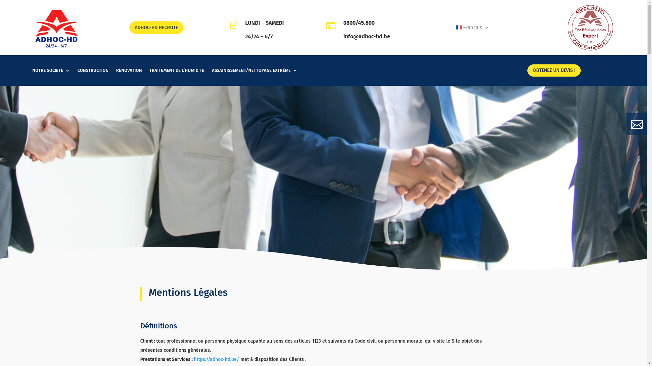  What do you see at coordinates (358, 22) in the screenshot?
I see `'0800/45.800'` at bounding box center [358, 22].